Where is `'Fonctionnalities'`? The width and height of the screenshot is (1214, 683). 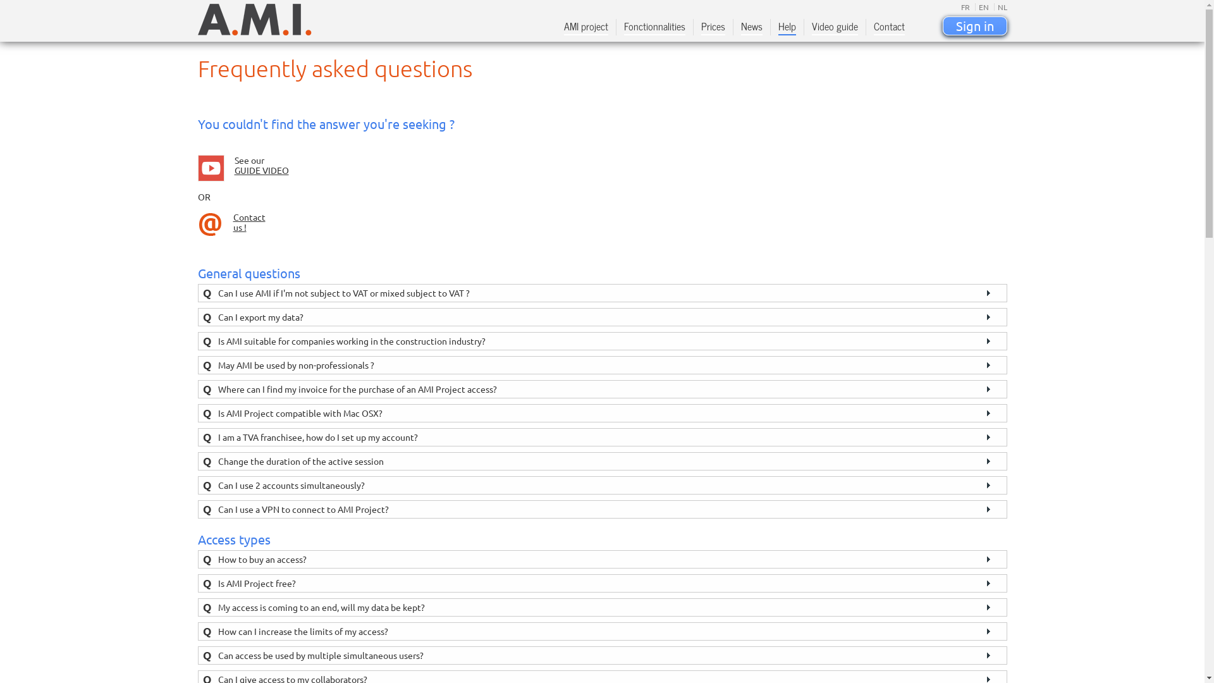
'Fonctionnalities' is located at coordinates (623, 28).